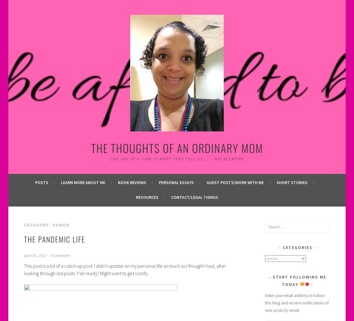 The width and height of the screenshot is (354, 321). Describe the element at coordinates (54, 238) in the screenshot. I see `'The Pandemic Life'` at that location.